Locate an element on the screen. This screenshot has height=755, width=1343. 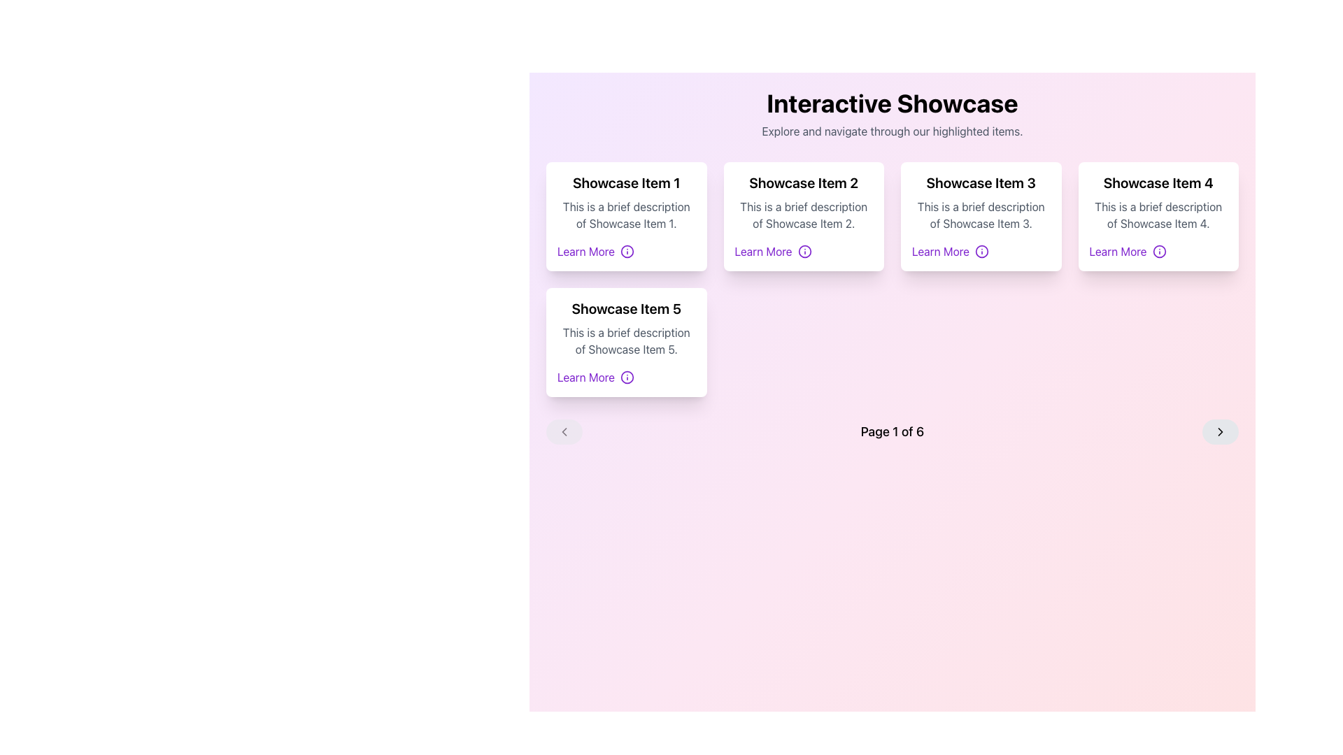
the text located inside the fourth card of the rightmost column in the top row of the grid, below the title 'Showcase Item 4' is located at coordinates (1158, 215).